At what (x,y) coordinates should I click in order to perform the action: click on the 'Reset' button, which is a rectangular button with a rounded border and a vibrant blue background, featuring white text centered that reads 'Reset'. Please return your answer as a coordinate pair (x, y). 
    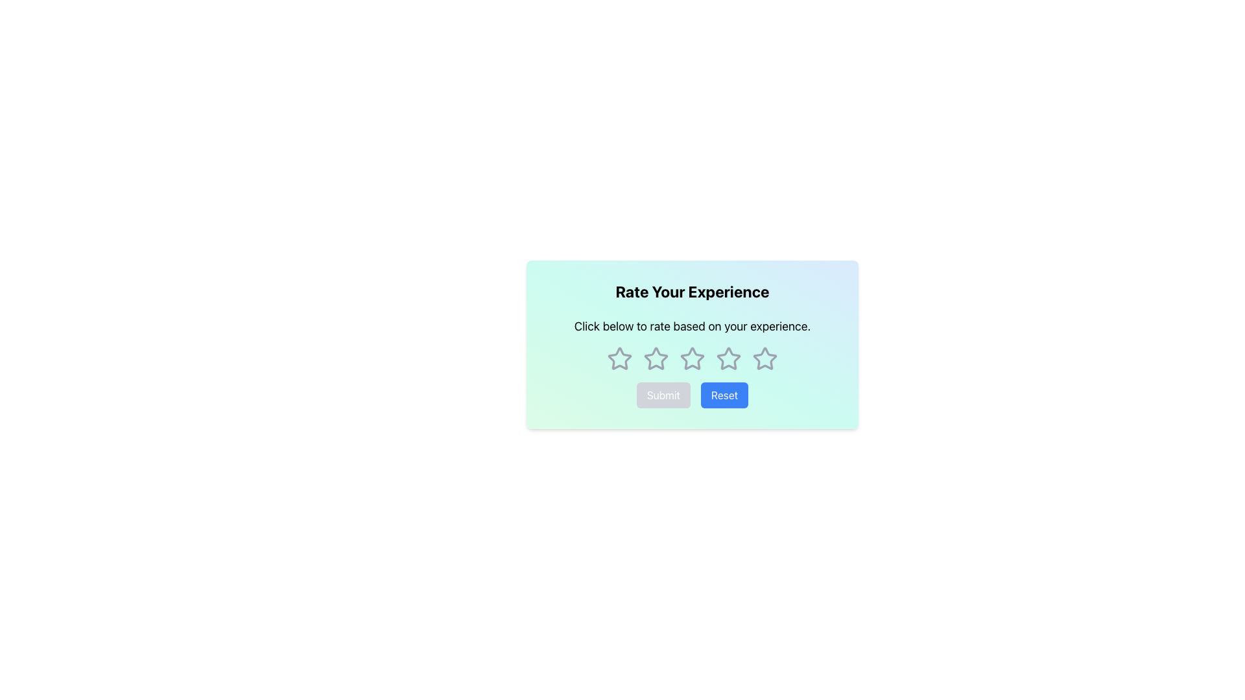
    Looking at the image, I should click on (724, 394).